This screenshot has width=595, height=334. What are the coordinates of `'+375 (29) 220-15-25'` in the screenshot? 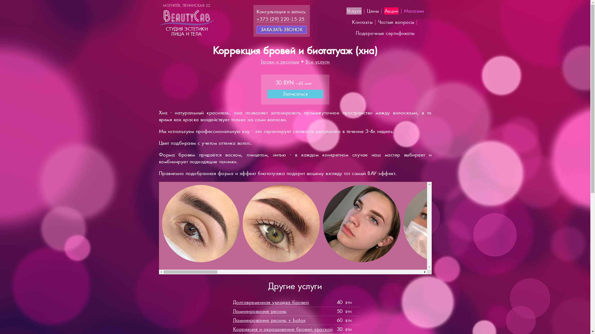 It's located at (280, 19).